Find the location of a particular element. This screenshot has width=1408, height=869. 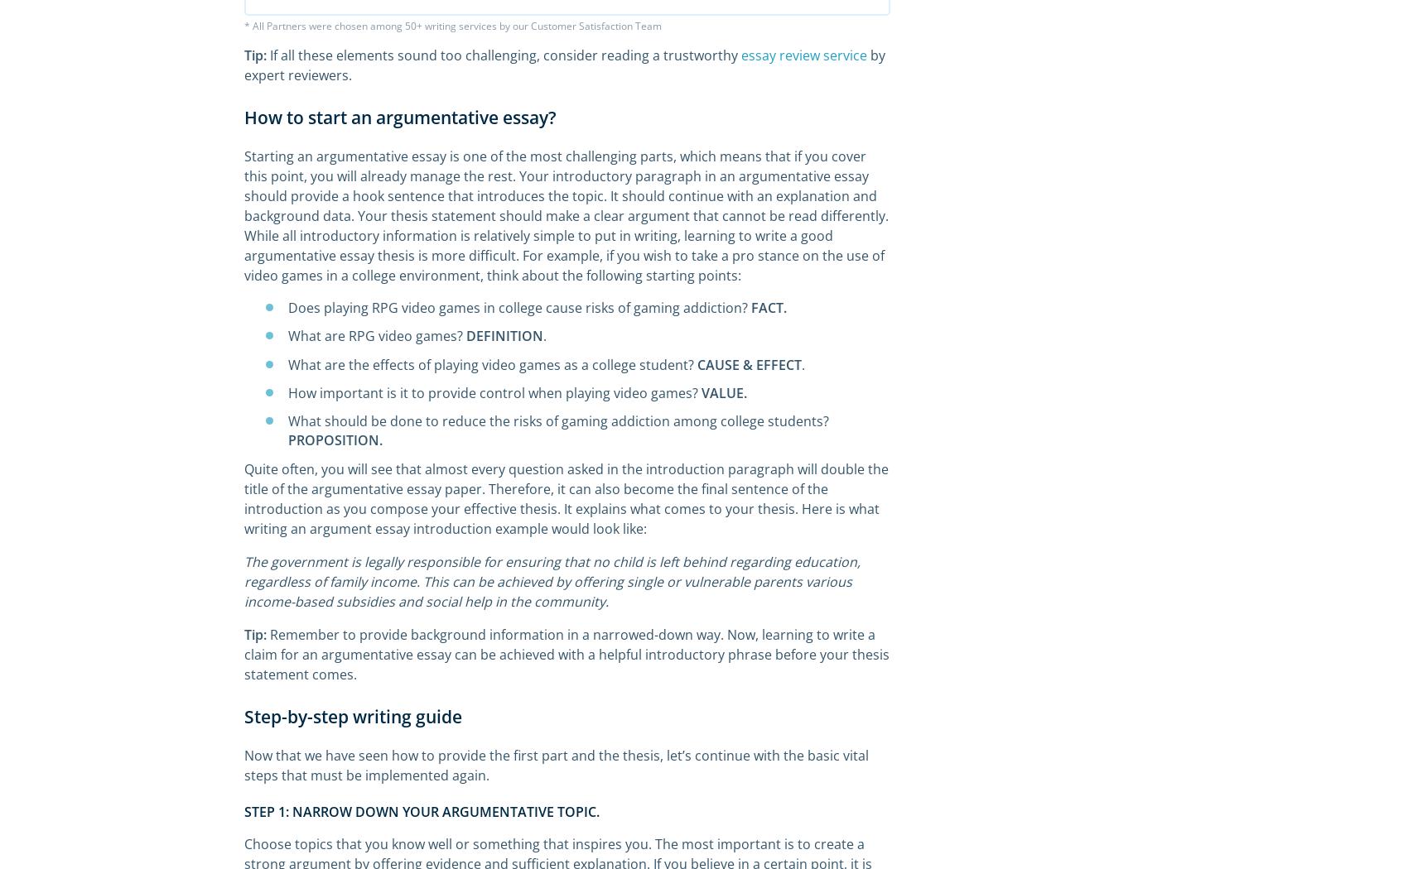

'Now that we have seen how to provide the first part and the thesis, let’s continue with the basic vital steps that must be implemented again.' is located at coordinates (244, 766).